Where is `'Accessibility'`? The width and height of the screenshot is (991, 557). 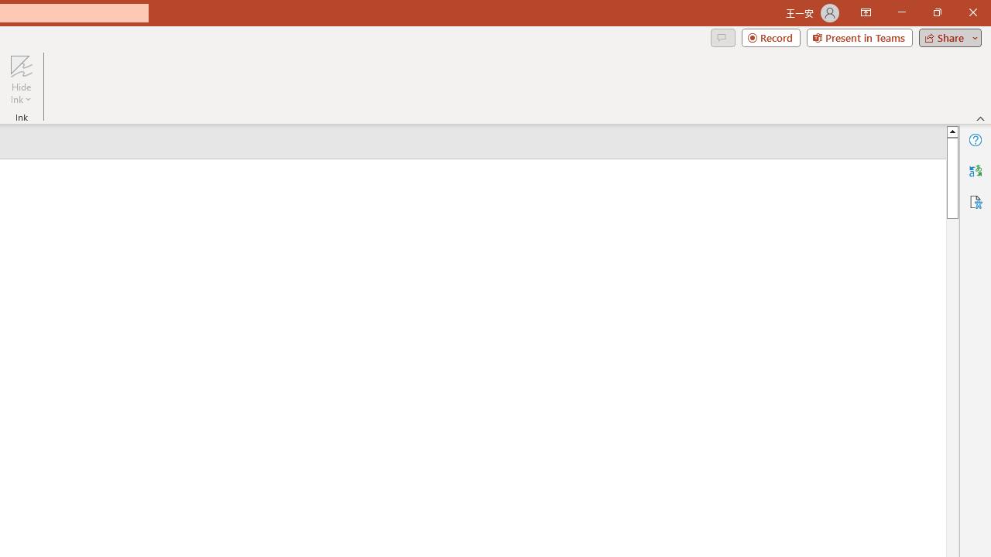 'Accessibility' is located at coordinates (975, 201).